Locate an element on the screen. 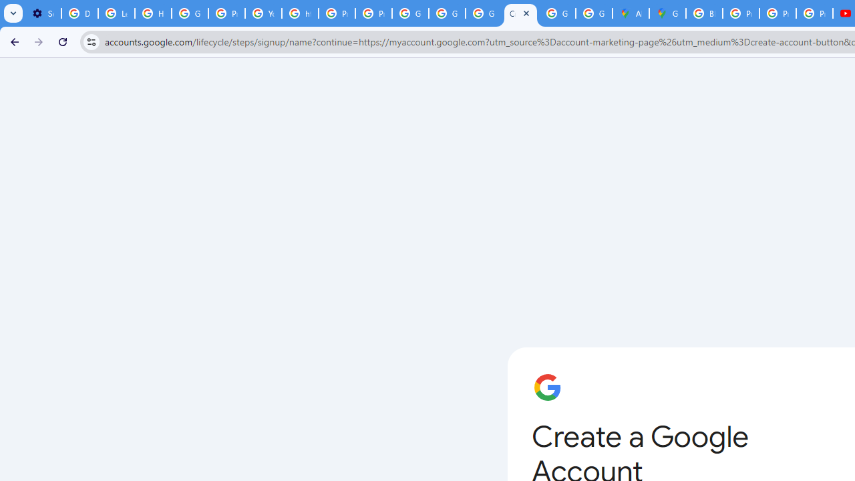 This screenshot has height=481, width=855. 'Blogger Policies and Guidelines - Transparency Center' is located at coordinates (703, 13).